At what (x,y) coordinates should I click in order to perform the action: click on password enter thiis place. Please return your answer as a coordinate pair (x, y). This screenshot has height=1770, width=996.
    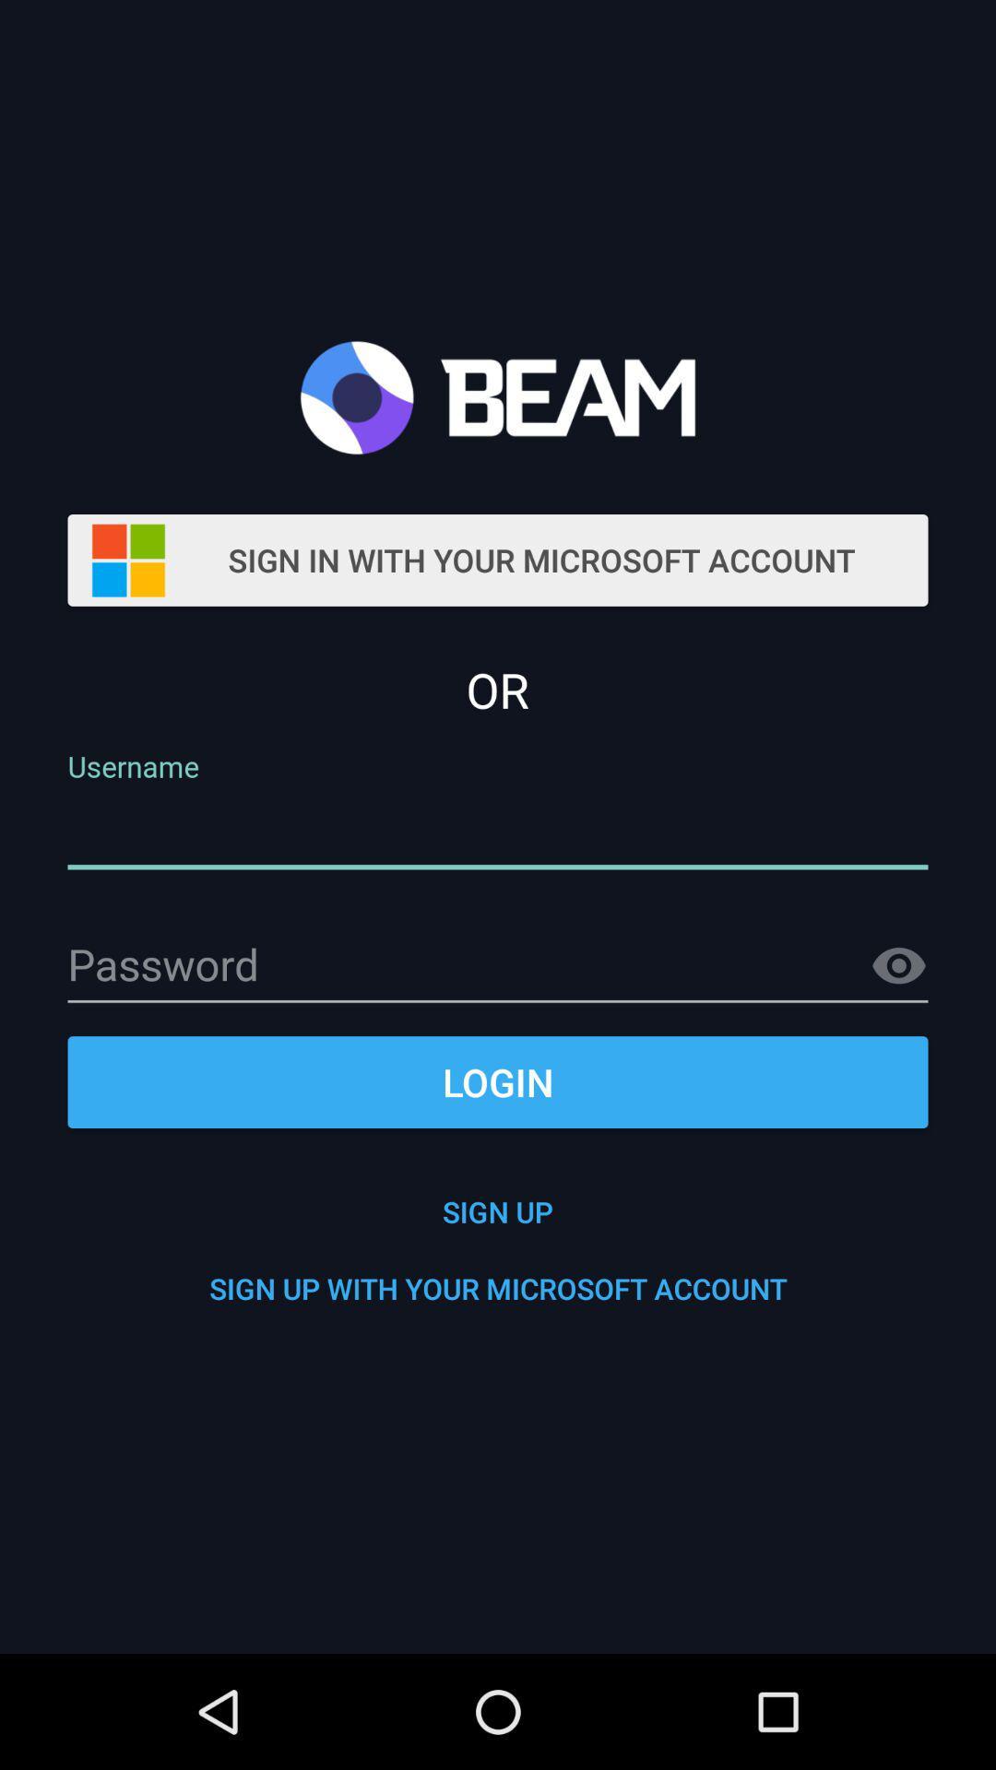
    Looking at the image, I should click on (498, 966).